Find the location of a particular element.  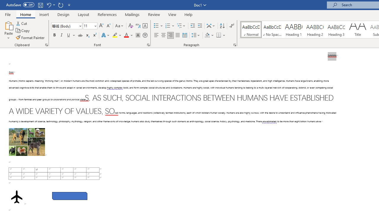

'Undo Paragraph Alignment' is located at coordinates (50, 5).